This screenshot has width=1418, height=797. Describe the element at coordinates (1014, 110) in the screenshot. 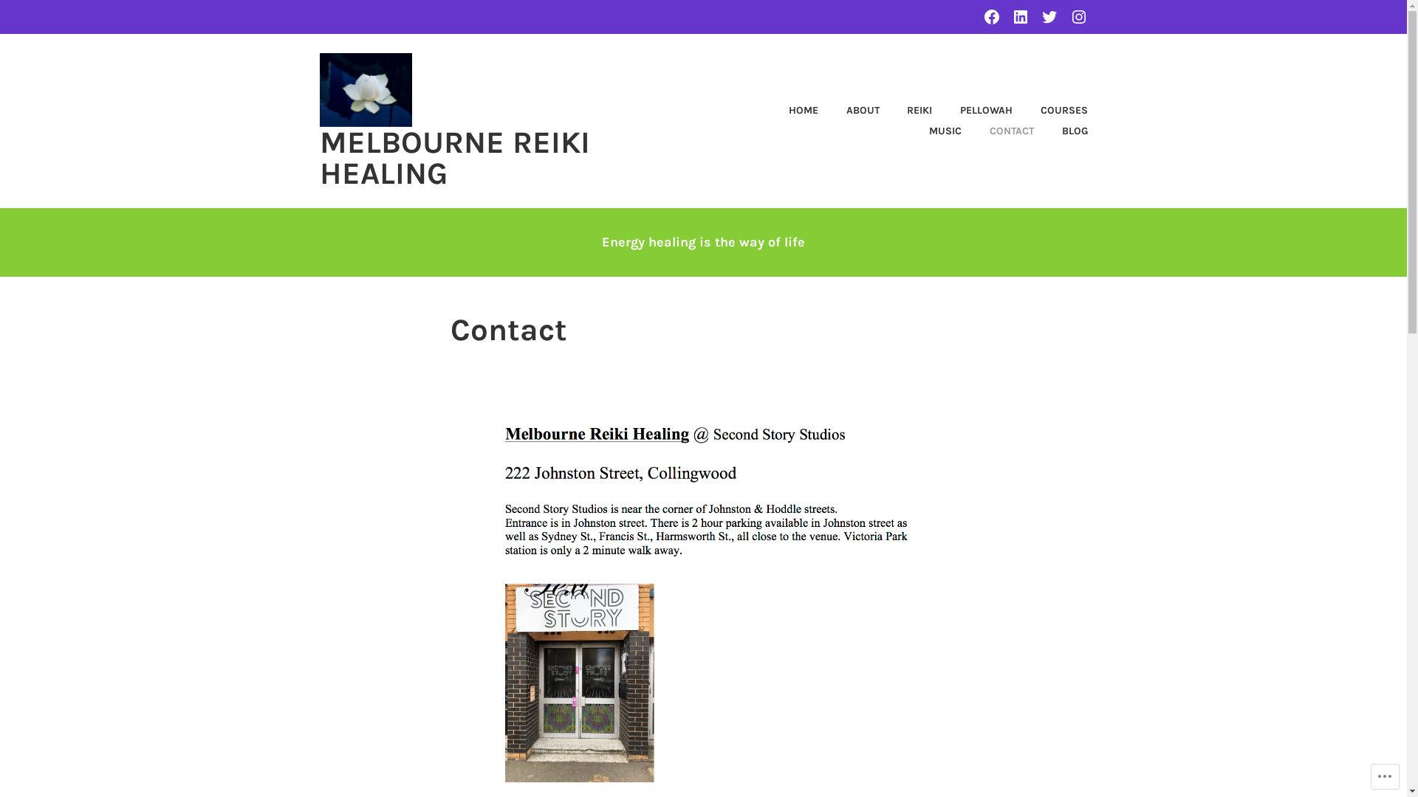

I see `'COURSES'` at that location.